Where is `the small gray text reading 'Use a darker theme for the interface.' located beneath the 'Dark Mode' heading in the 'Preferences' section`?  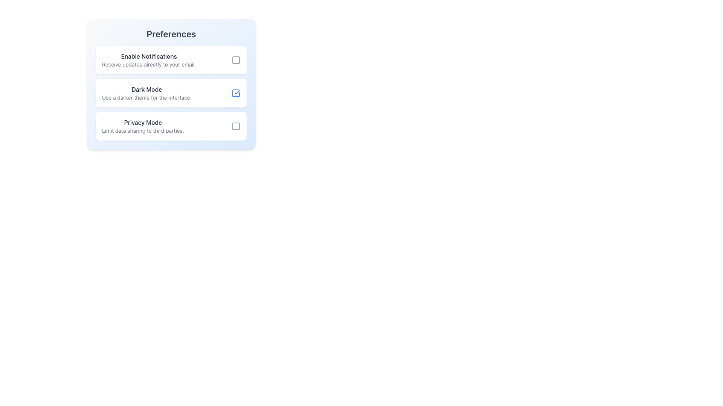 the small gray text reading 'Use a darker theme for the interface.' located beneath the 'Dark Mode' heading in the 'Preferences' section is located at coordinates (146, 97).